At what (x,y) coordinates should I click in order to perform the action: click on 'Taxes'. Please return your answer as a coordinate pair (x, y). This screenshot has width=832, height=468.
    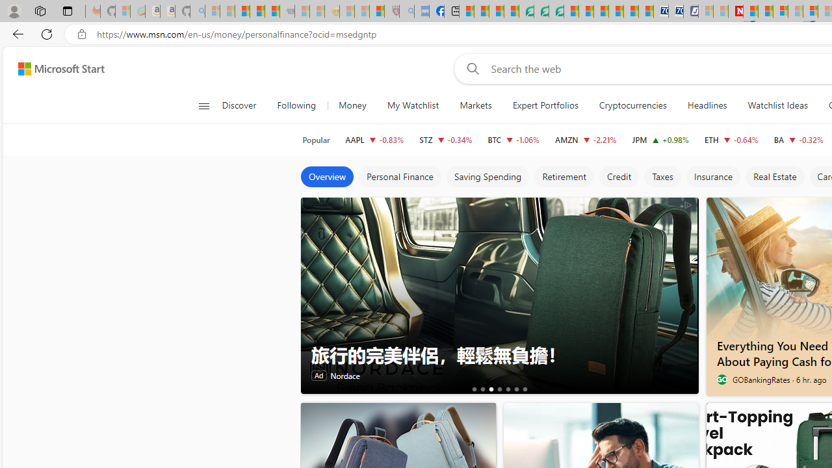
    Looking at the image, I should click on (662, 177).